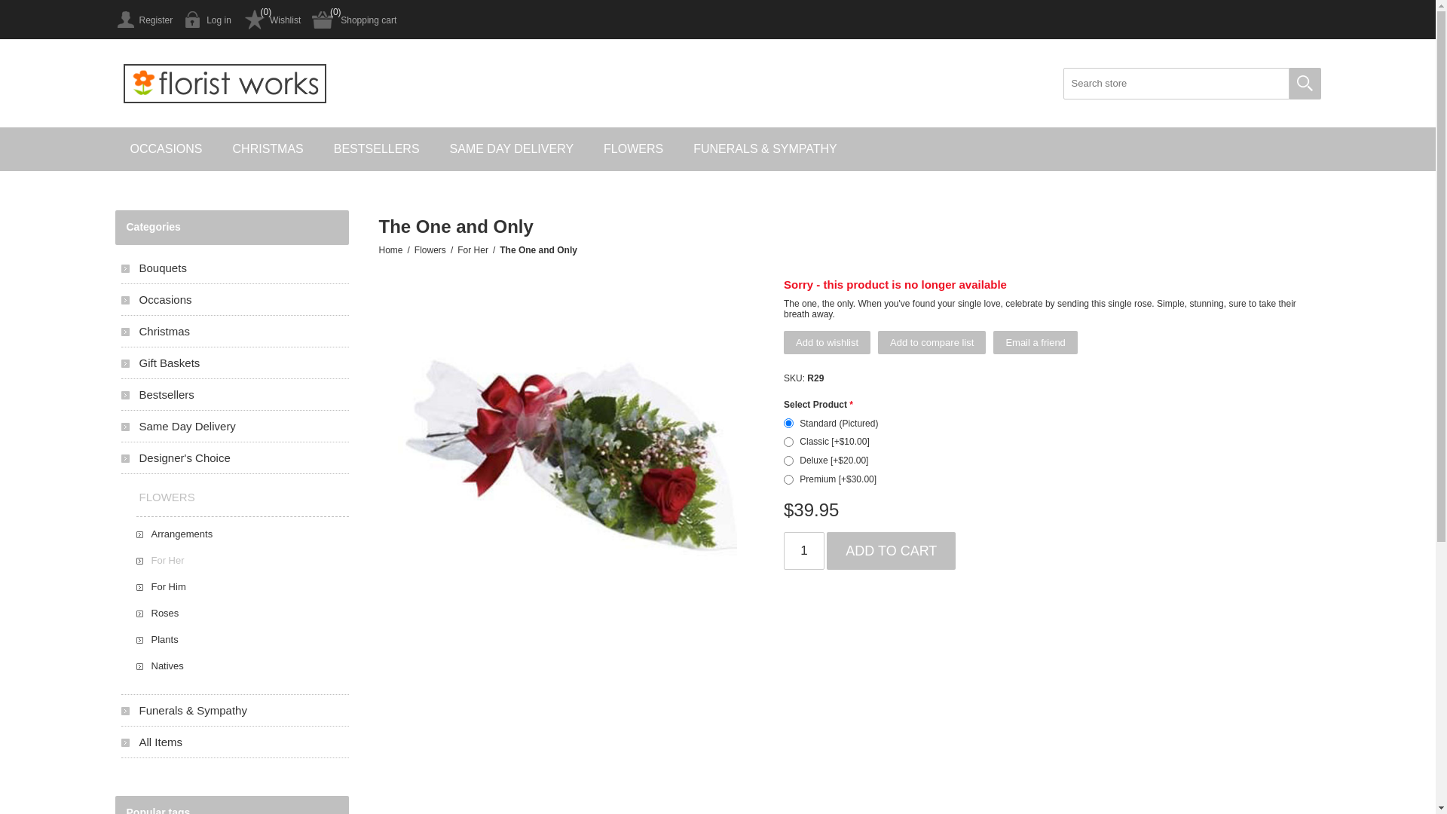 This screenshot has width=1447, height=814. What do you see at coordinates (931, 342) in the screenshot?
I see `'Add to compare list'` at bounding box center [931, 342].